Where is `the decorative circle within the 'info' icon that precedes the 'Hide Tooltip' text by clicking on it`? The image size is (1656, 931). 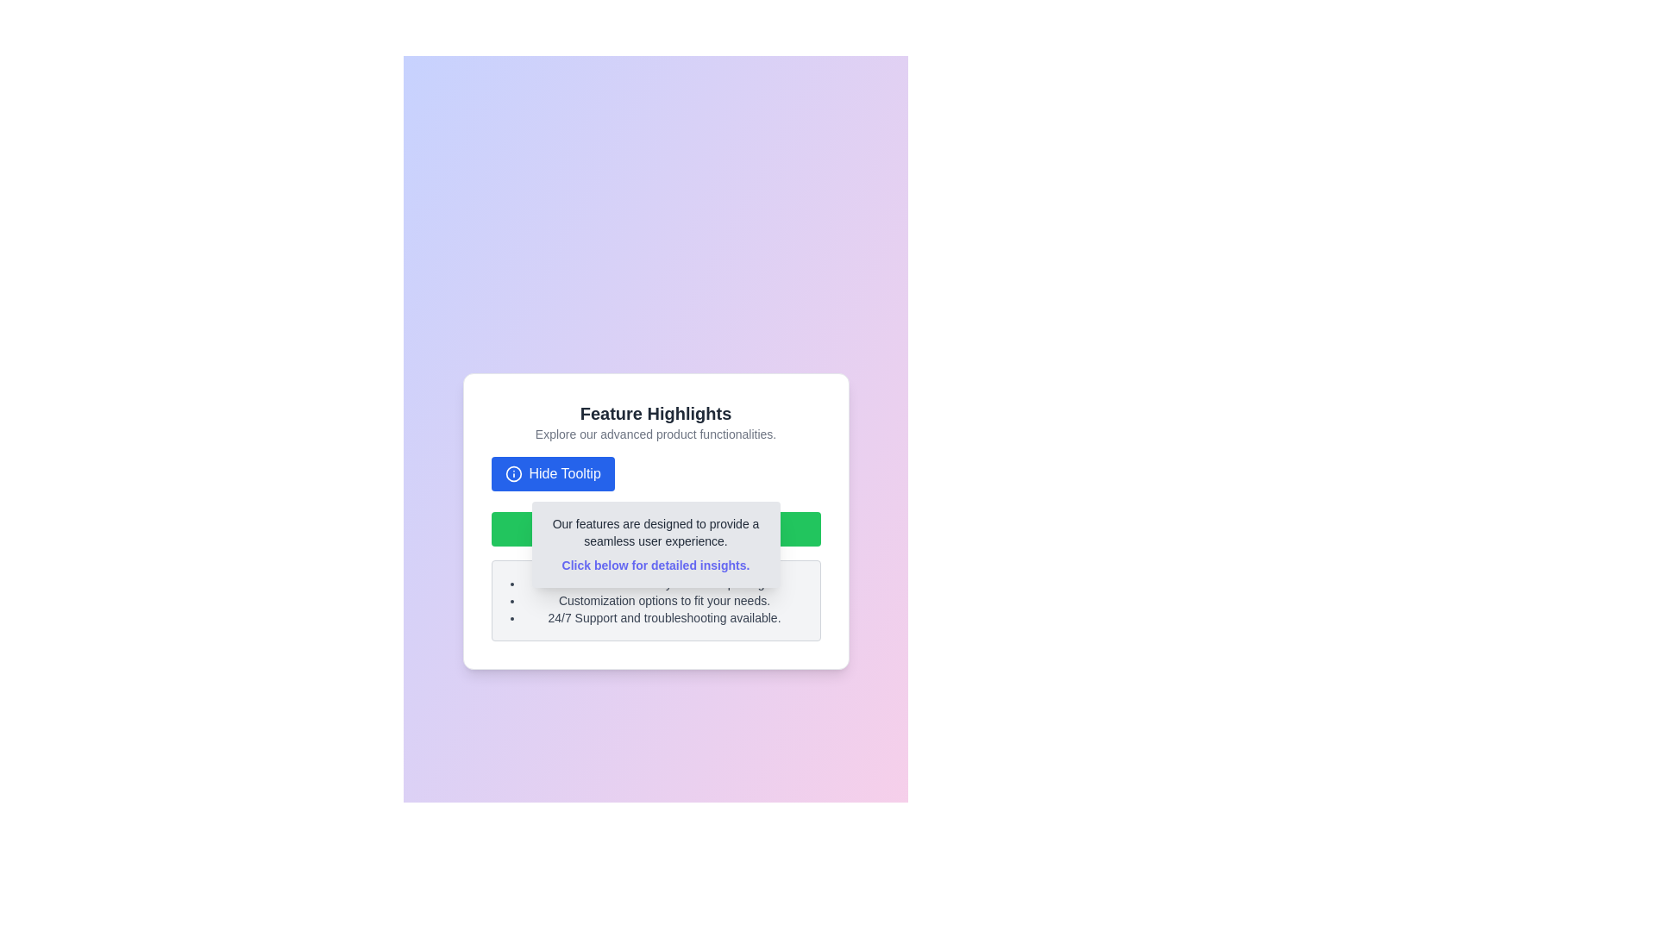 the decorative circle within the 'info' icon that precedes the 'Hide Tooltip' text by clicking on it is located at coordinates (512, 474).